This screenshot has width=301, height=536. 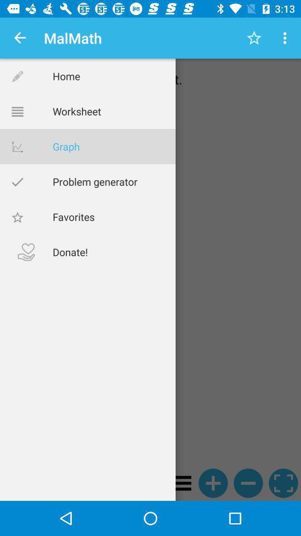 I want to click on the fullscreen icon, so click(x=283, y=482).